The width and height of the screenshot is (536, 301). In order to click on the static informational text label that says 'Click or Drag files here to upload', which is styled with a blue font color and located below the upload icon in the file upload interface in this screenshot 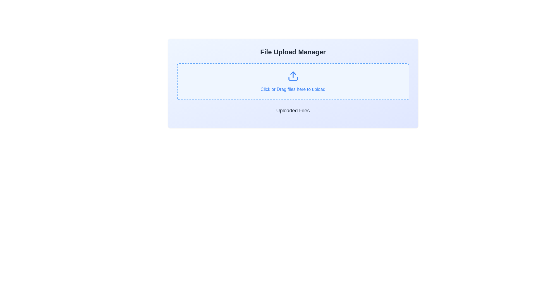, I will do `click(293, 89)`.